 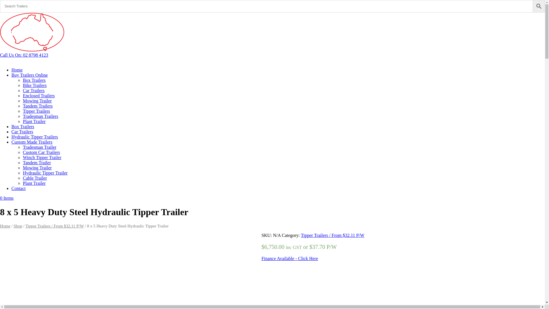 I want to click on 'Custom Made Trailers', so click(x=11, y=142).